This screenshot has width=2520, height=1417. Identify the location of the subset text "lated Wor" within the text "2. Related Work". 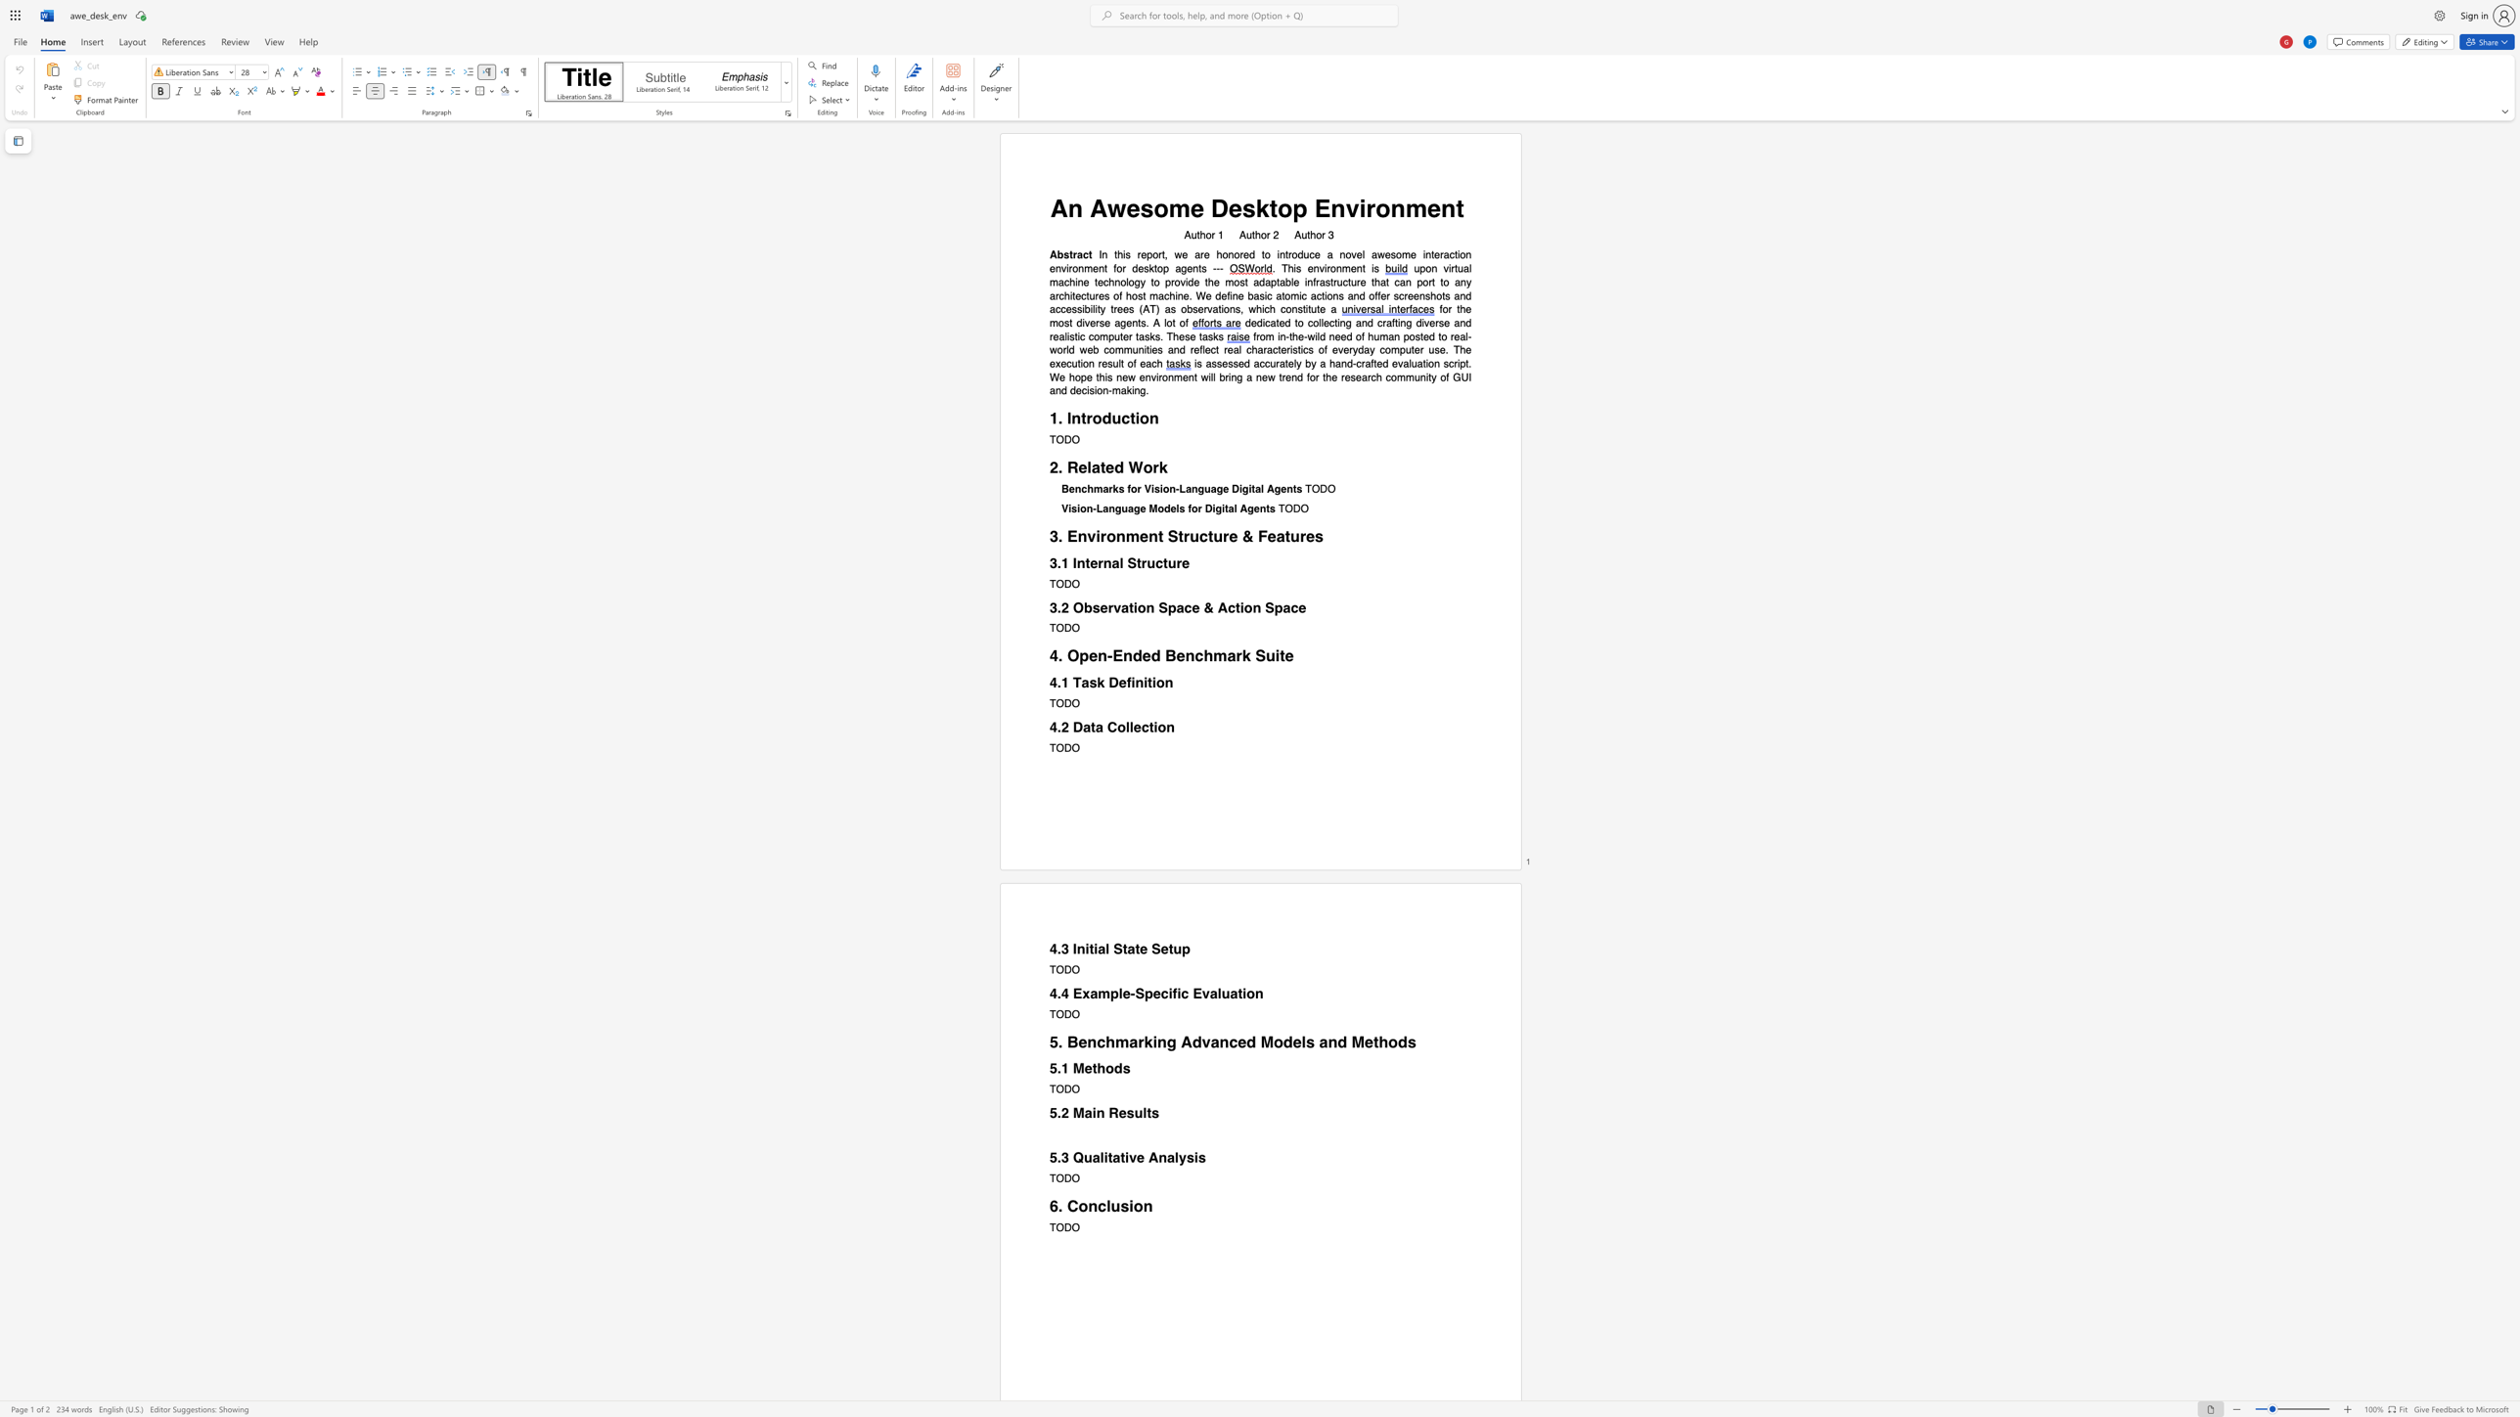
(1087, 467).